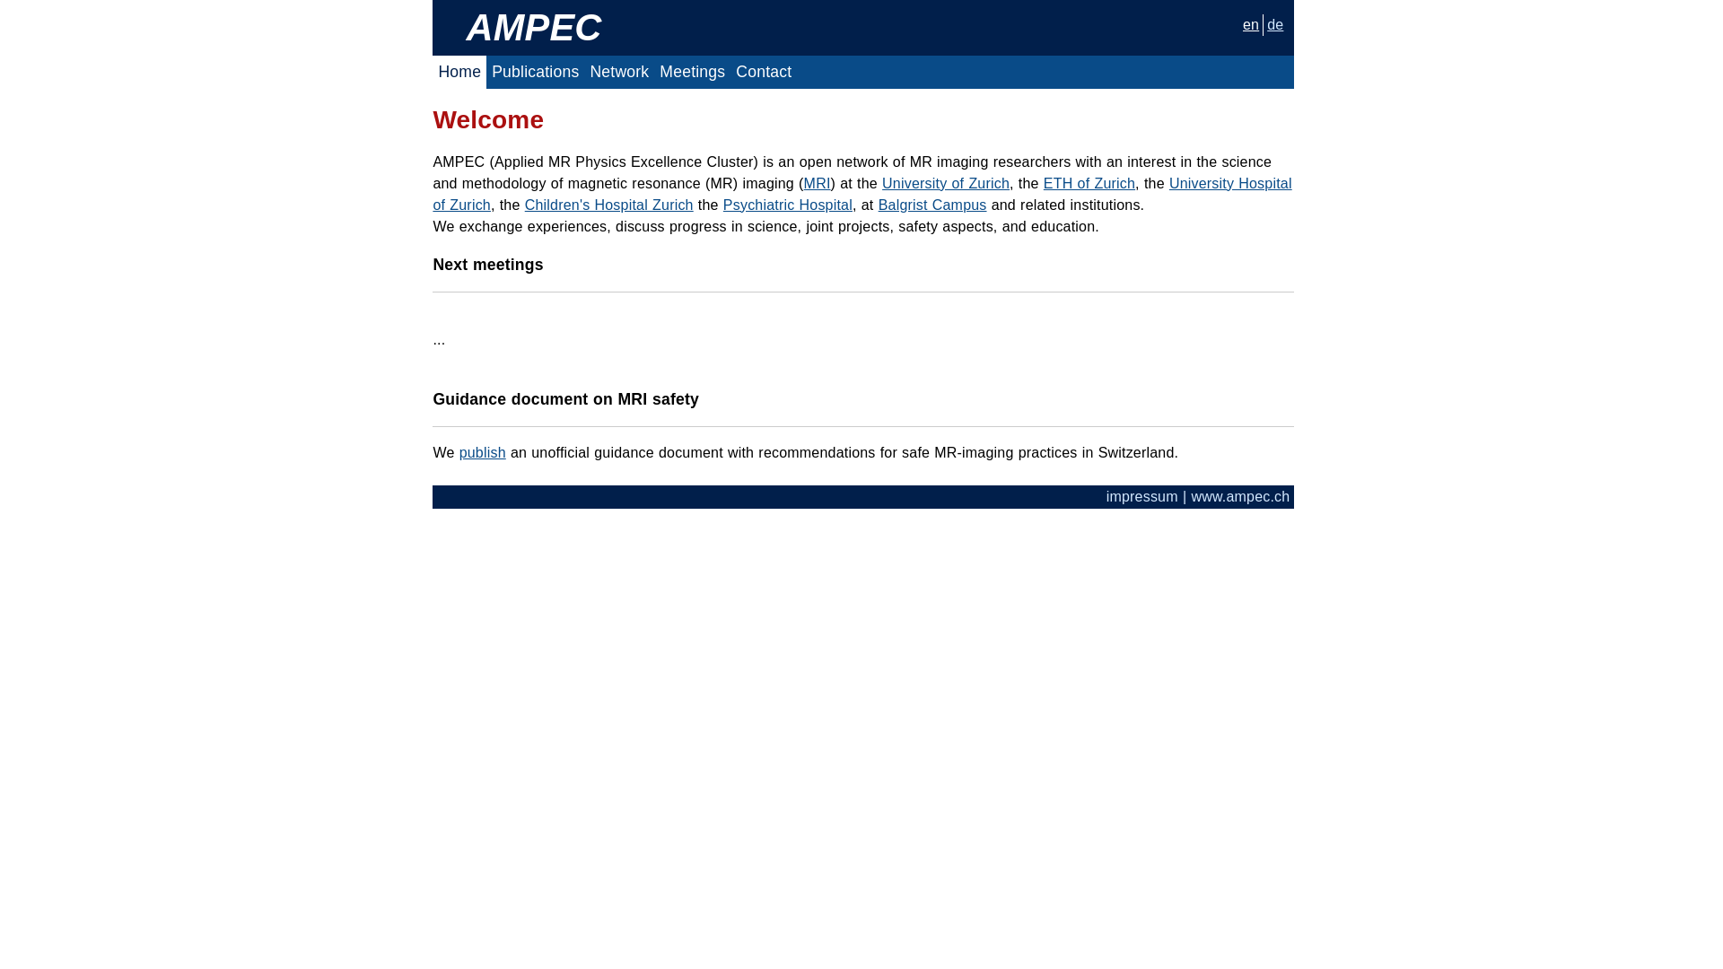 The image size is (1723, 969). What do you see at coordinates (459, 451) in the screenshot?
I see `'publish'` at bounding box center [459, 451].